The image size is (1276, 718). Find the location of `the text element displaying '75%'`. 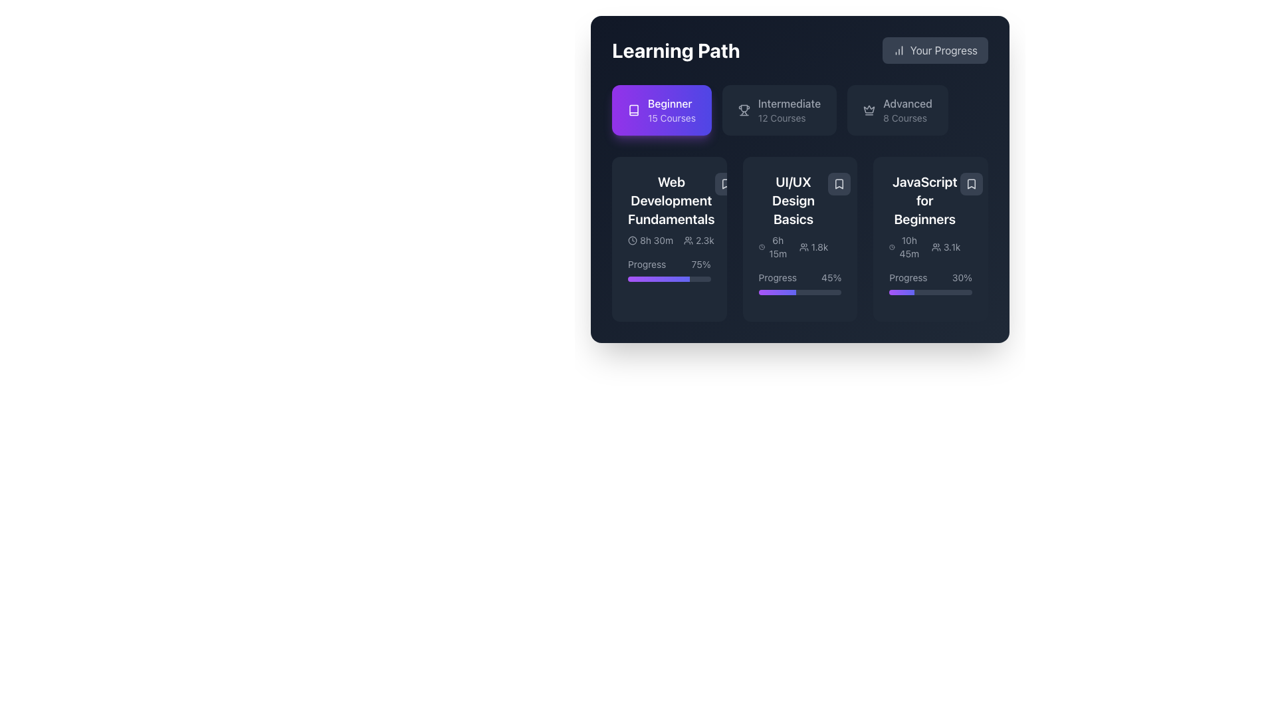

the text element displaying '75%' is located at coordinates (700, 264).